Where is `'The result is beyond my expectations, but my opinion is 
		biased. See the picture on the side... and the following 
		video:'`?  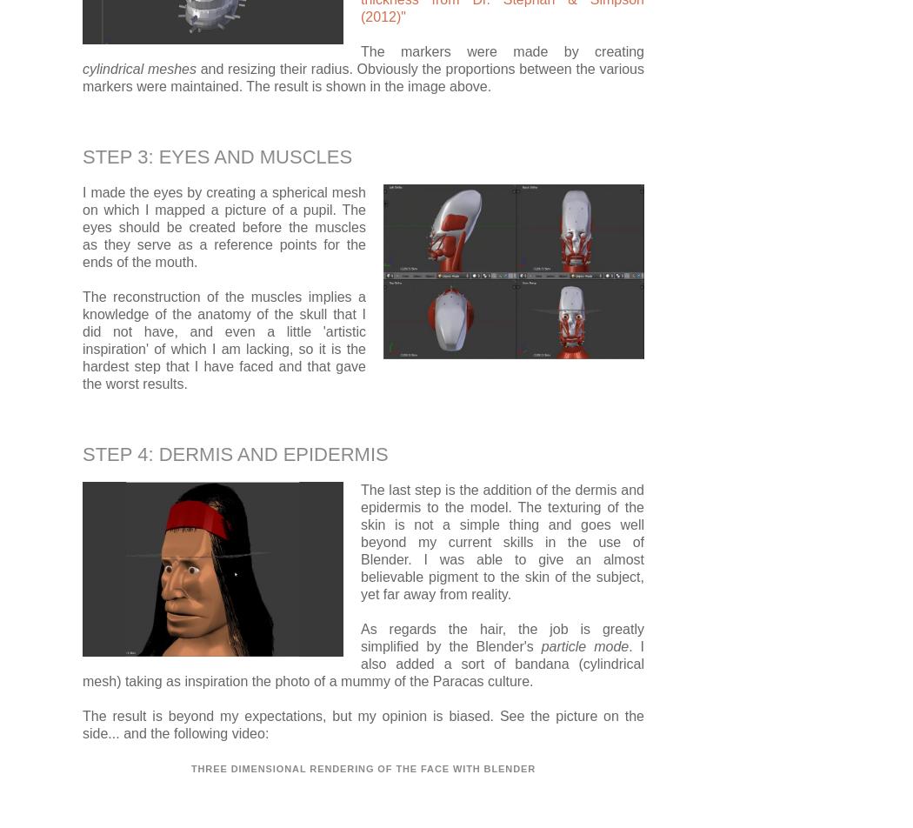
'The result is beyond my expectations, but my opinion is 
		biased. See the picture on the side... and the following 
		video:' is located at coordinates (363, 724).